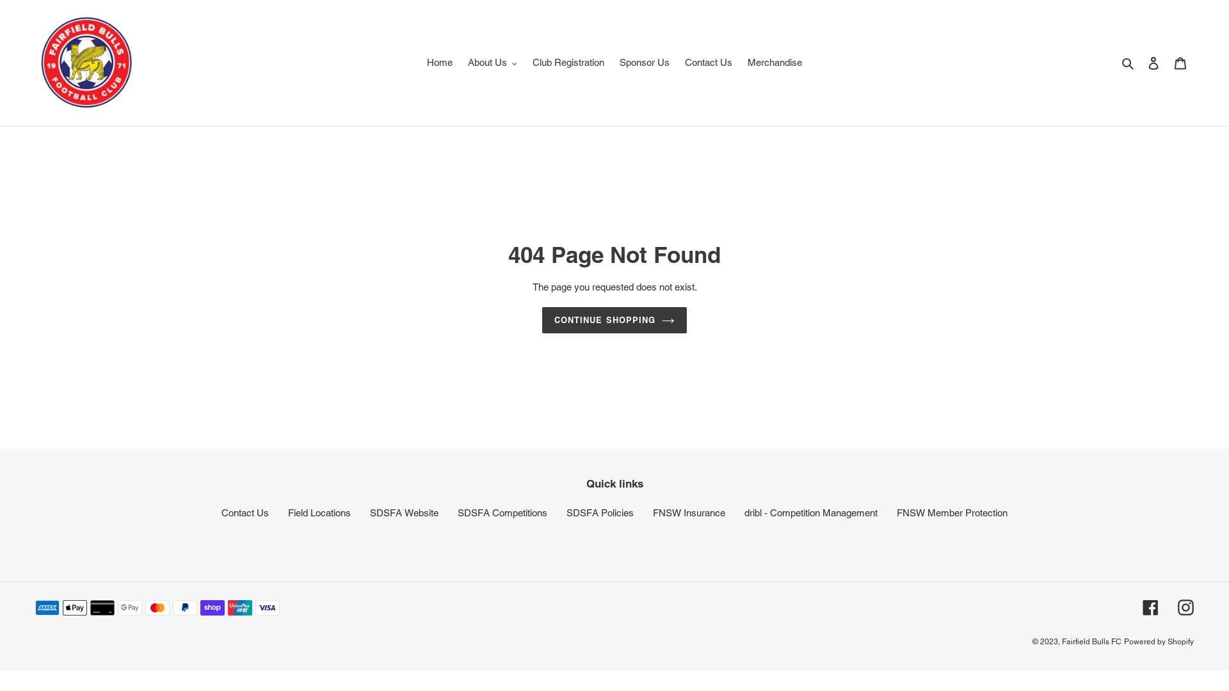 The width and height of the screenshot is (1229, 691). What do you see at coordinates (810, 512) in the screenshot?
I see `'dribl - Competition Management'` at bounding box center [810, 512].